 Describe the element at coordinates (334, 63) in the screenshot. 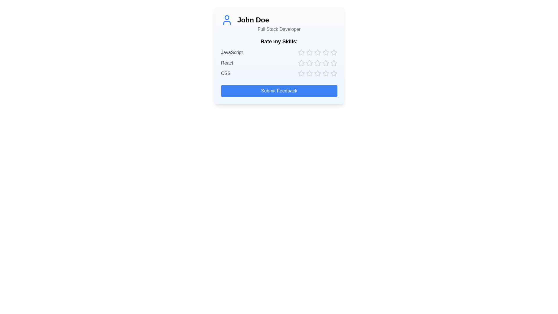

I see `the star corresponding to skill React and rating 5` at that location.